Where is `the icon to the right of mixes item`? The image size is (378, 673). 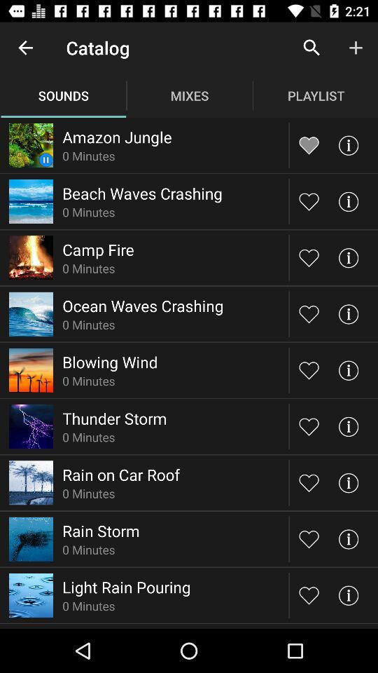 the icon to the right of mixes item is located at coordinates (311, 48).